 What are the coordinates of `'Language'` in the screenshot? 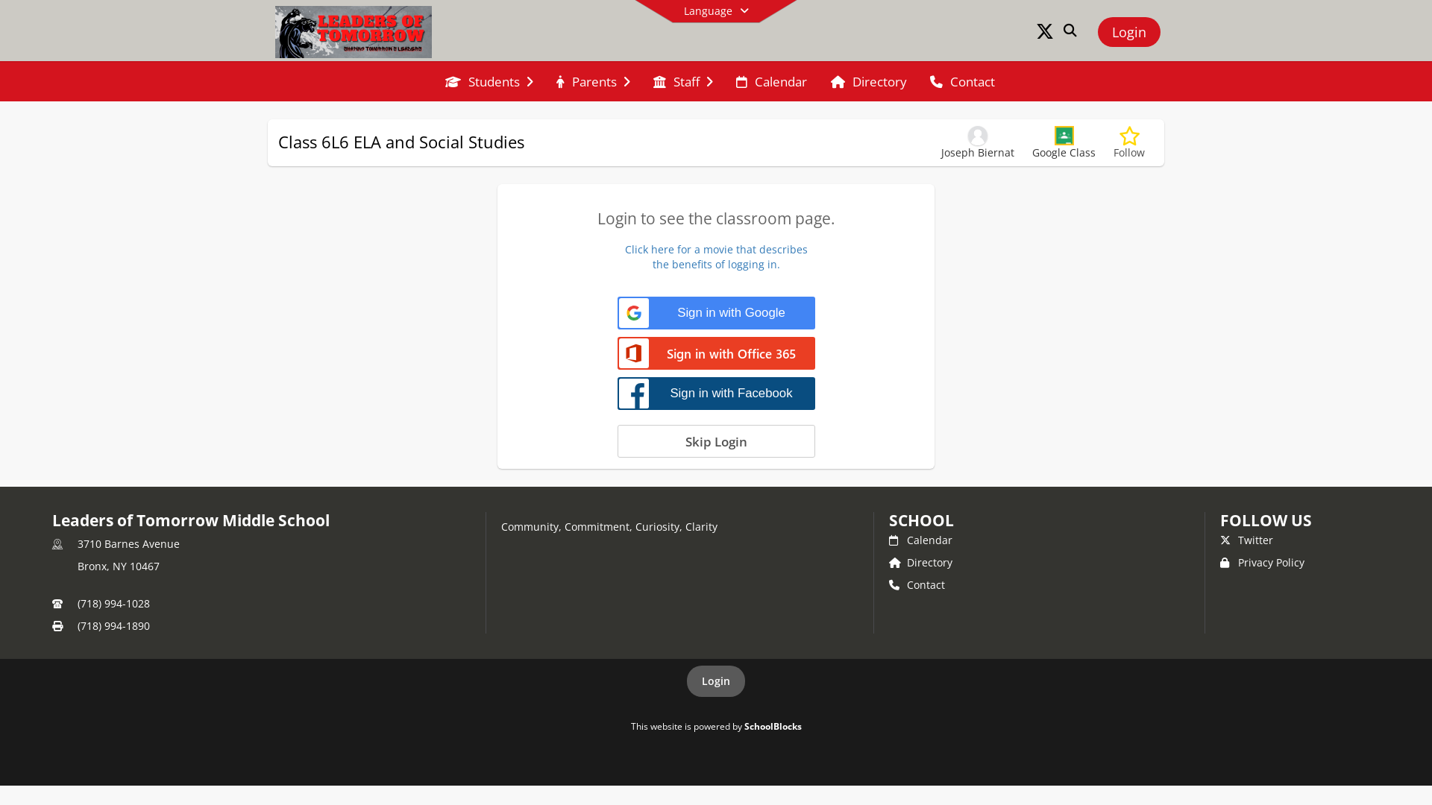 It's located at (716, 11).